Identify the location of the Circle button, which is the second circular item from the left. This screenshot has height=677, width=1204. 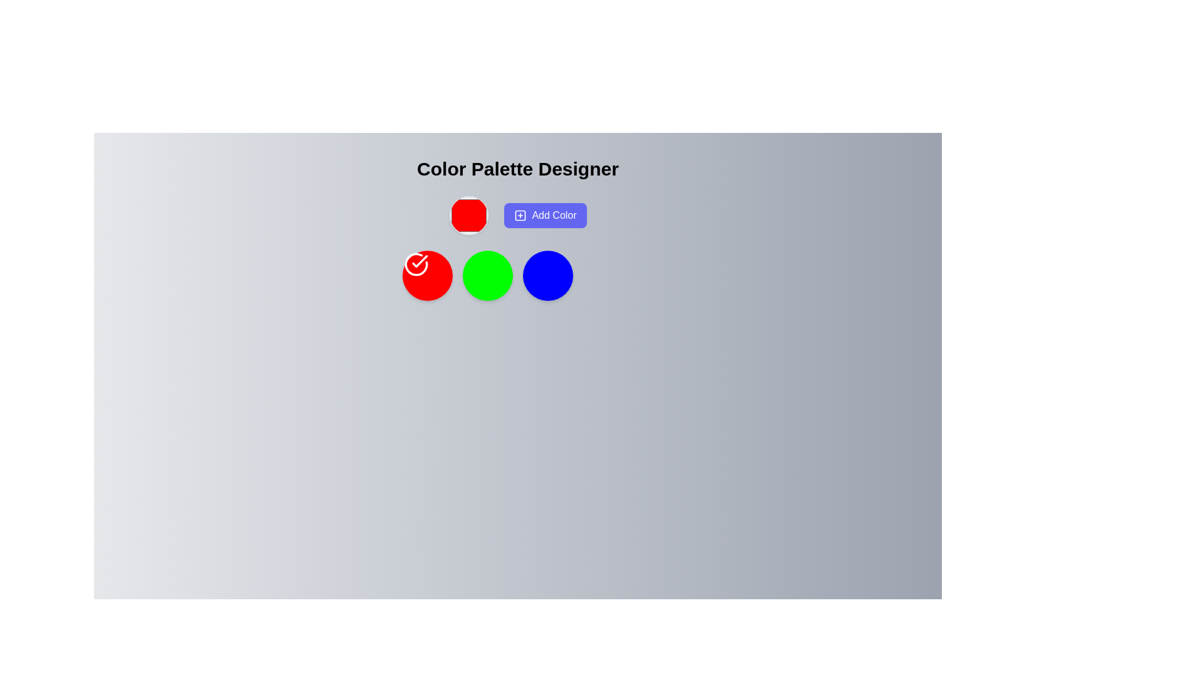
(487, 275).